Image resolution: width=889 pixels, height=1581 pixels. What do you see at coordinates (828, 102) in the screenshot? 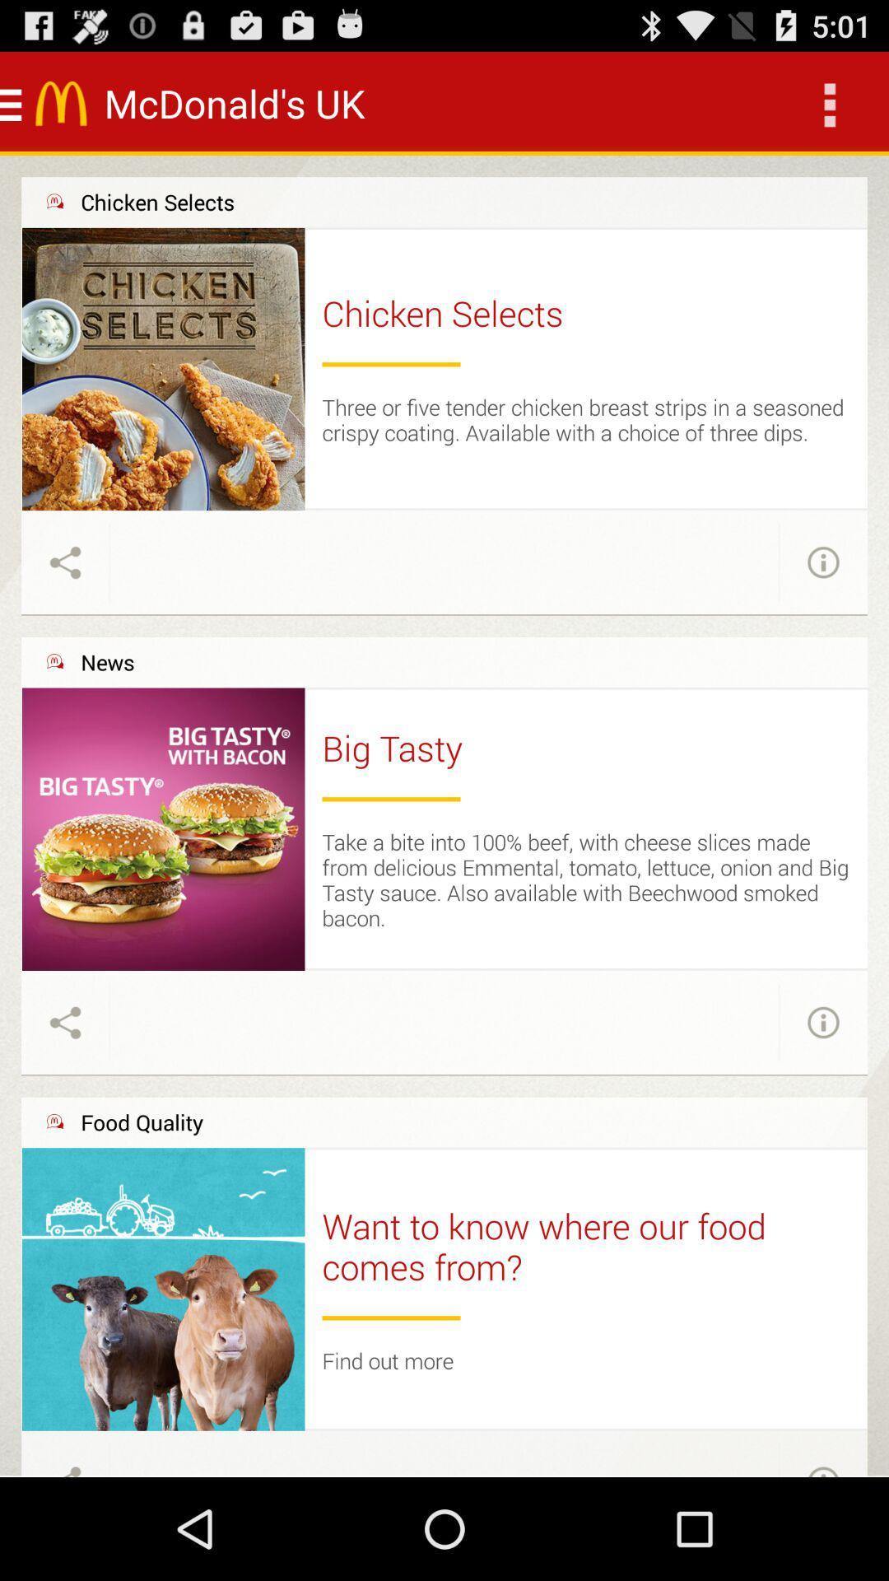
I see `icon at the top right corner` at bounding box center [828, 102].